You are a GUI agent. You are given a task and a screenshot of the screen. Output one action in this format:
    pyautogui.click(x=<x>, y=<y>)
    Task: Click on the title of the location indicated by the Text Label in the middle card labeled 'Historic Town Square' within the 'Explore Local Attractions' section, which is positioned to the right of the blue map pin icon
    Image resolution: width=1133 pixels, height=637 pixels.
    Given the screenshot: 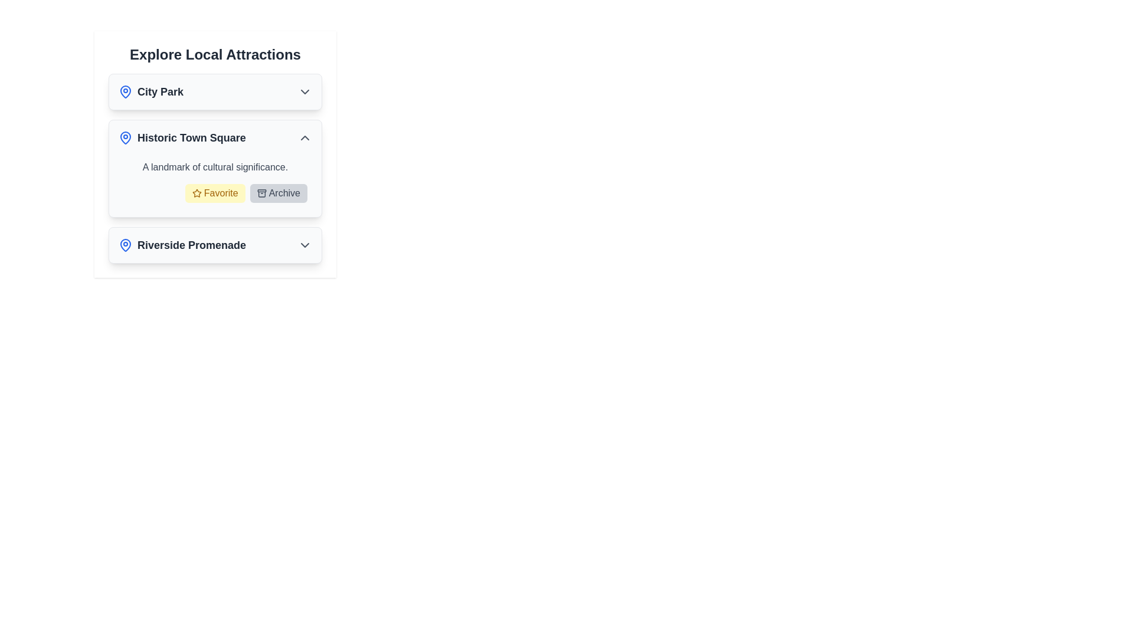 What is the action you would take?
    pyautogui.click(x=191, y=137)
    